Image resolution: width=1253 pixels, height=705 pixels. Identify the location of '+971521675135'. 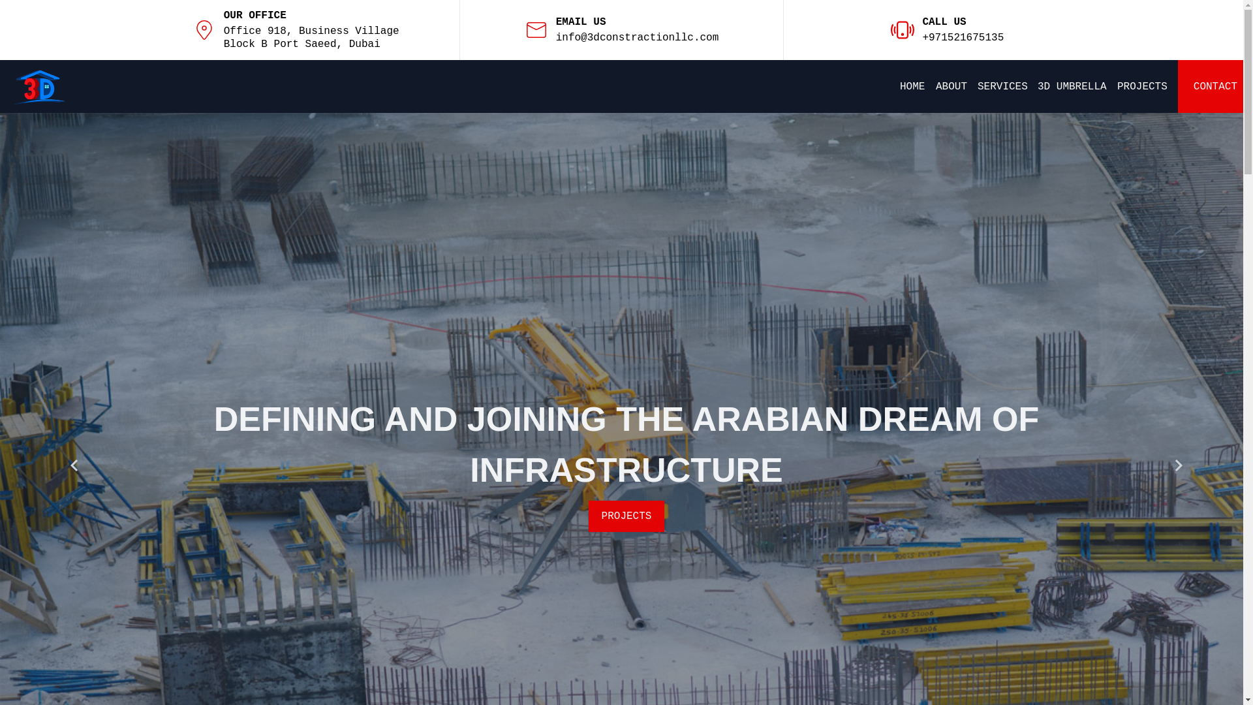
(963, 37).